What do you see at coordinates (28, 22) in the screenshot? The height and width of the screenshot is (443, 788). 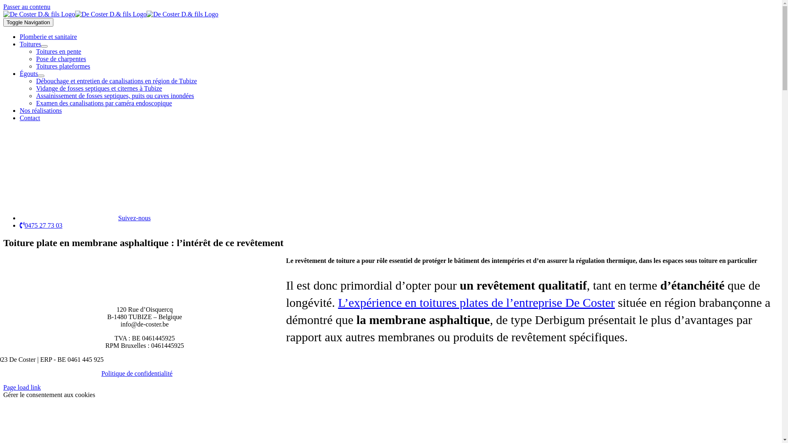 I see `'Toggle Navigation'` at bounding box center [28, 22].